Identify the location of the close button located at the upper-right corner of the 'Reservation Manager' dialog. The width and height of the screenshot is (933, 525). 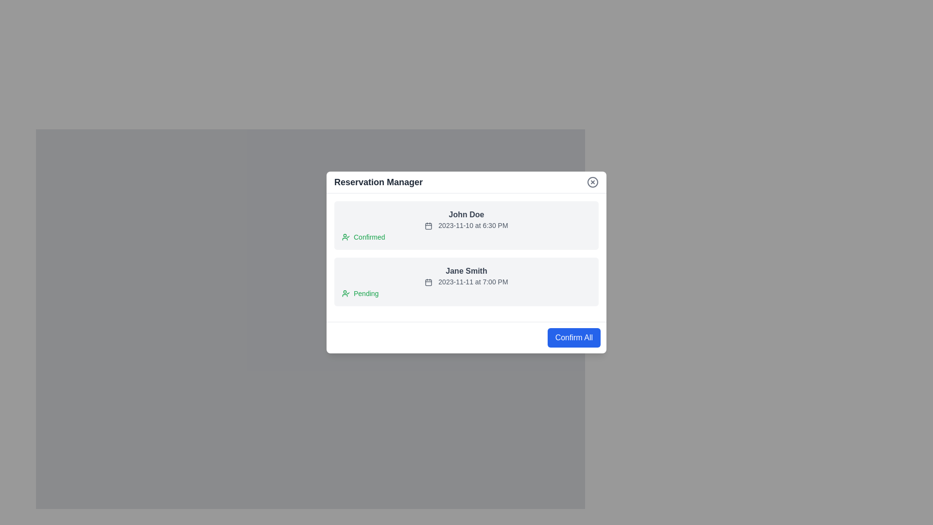
(592, 182).